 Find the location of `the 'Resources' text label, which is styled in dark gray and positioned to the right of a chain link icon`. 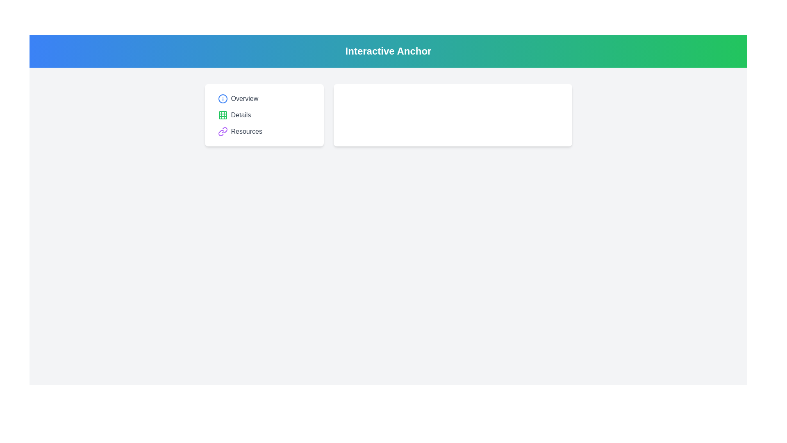

the 'Resources' text label, which is styled in dark gray and positioned to the right of a chain link icon is located at coordinates (246, 131).